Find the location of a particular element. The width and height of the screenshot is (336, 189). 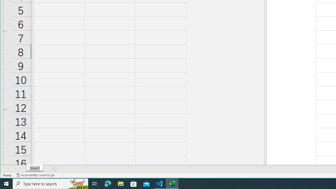

'Excel - 1 running window' is located at coordinates (172, 183).